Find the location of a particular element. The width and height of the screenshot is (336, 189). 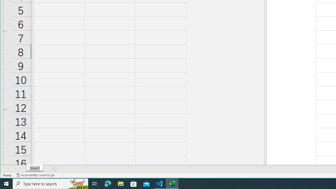

'Excel - 1 running window' is located at coordinates (172, 183).